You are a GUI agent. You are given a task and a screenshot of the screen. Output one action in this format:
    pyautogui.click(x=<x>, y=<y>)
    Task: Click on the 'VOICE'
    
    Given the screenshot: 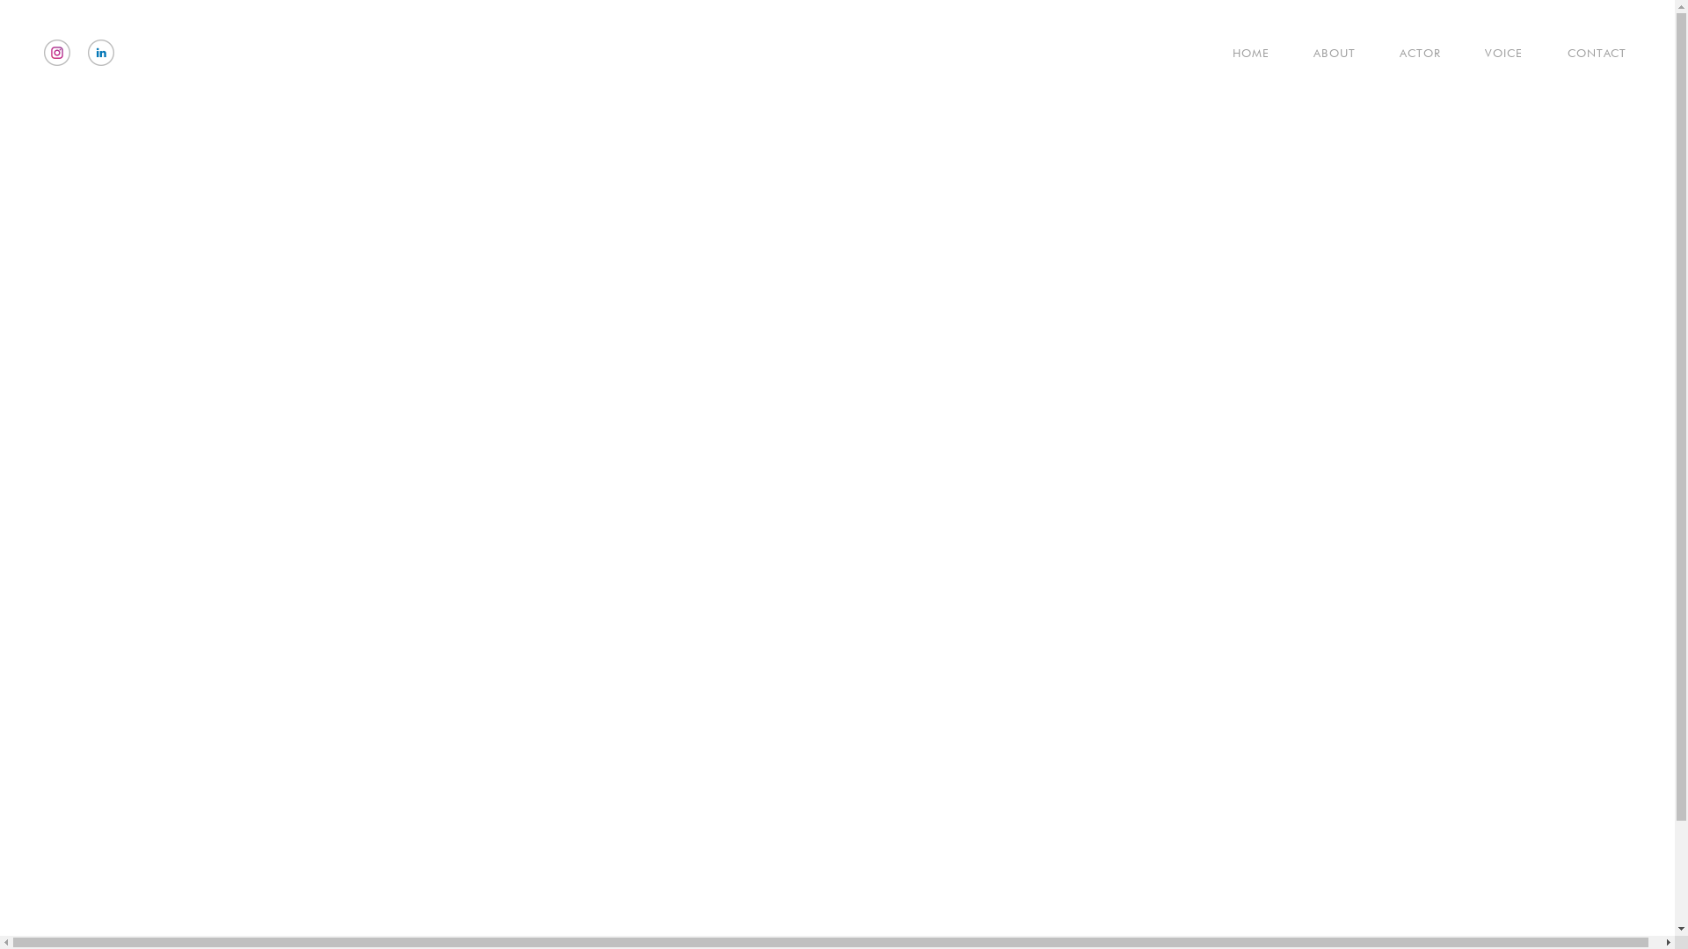 What is the action you would take?
    pyautogui.click(x=1485, y=52)
    